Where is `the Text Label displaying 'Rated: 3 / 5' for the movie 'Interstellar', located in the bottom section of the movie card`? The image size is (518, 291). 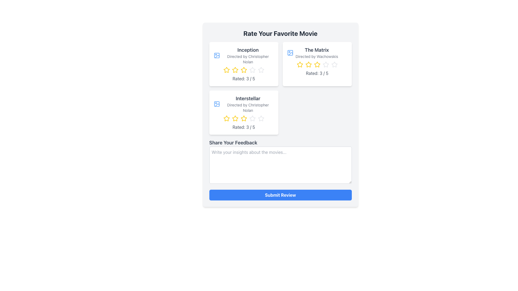 the Text Label displaying 'Rated: 3 / 5' for the movie 'Interstellar', located in the bottom section of the movie card is located at coordinates (243, 127).